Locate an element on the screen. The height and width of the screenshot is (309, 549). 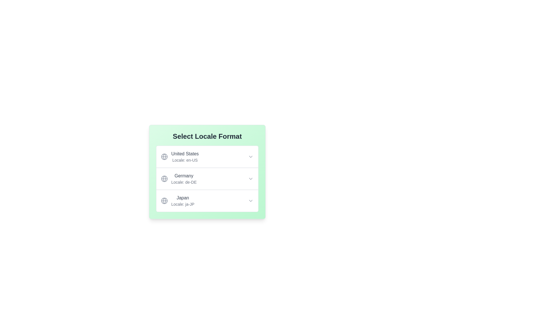
text of the label 'United States' in the dropdown menu for locale selection is located at coordinates (185, 153).